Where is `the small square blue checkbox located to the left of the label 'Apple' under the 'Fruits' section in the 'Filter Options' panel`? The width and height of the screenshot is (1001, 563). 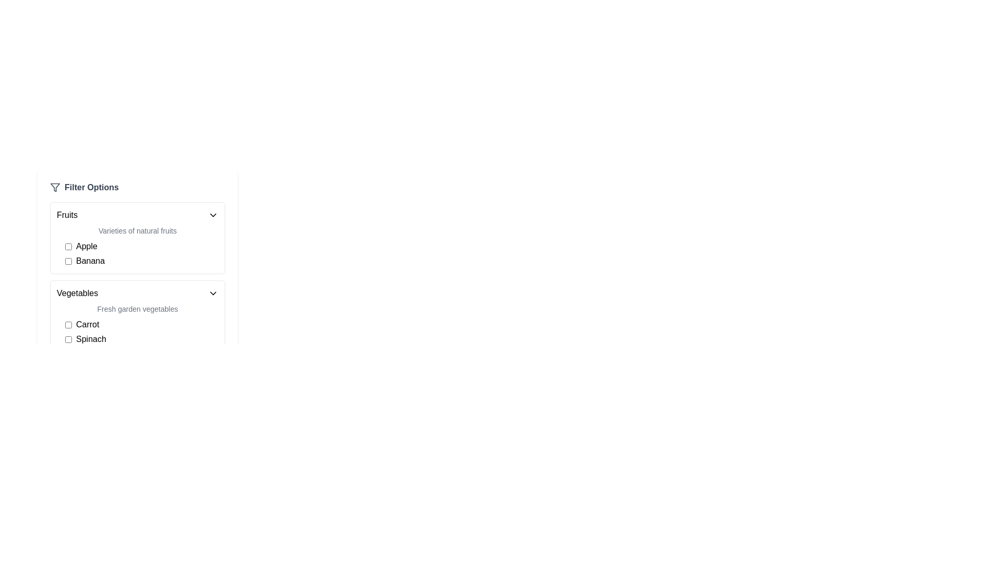 the small square blue checkbox located to the left of the label 'Apple' under the 'Fruits' section in the 'Filter Options' panel is located at coordinates (68, 247).